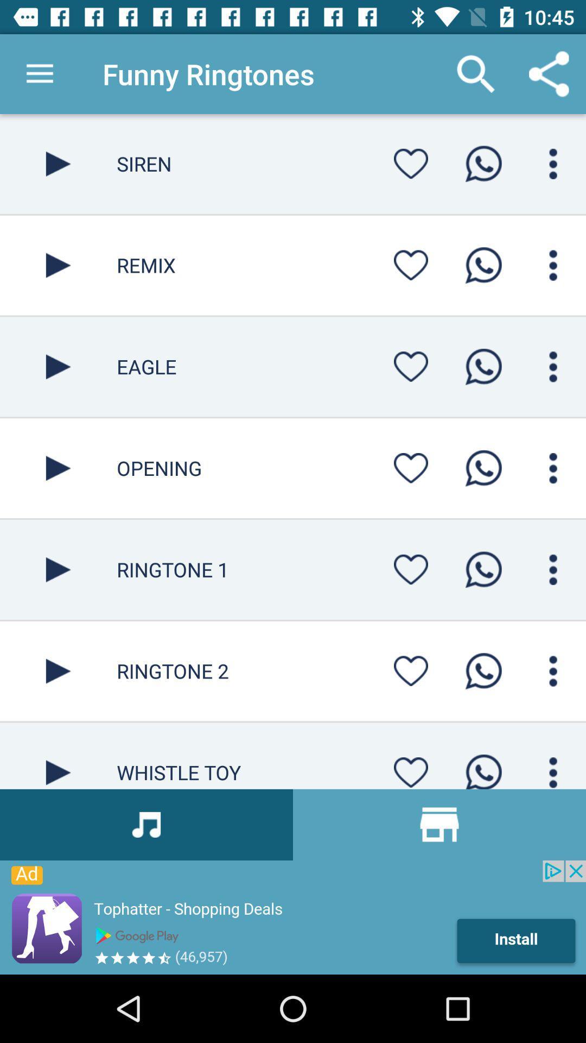  Describe the element at coordinates (553, 769) in the screenshot. I see `mune button` at that location.